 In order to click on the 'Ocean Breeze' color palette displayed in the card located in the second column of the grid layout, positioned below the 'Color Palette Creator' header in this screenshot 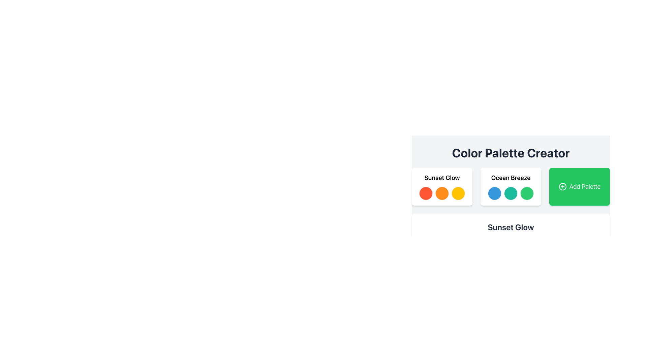, I will do `click(511, 187)`.